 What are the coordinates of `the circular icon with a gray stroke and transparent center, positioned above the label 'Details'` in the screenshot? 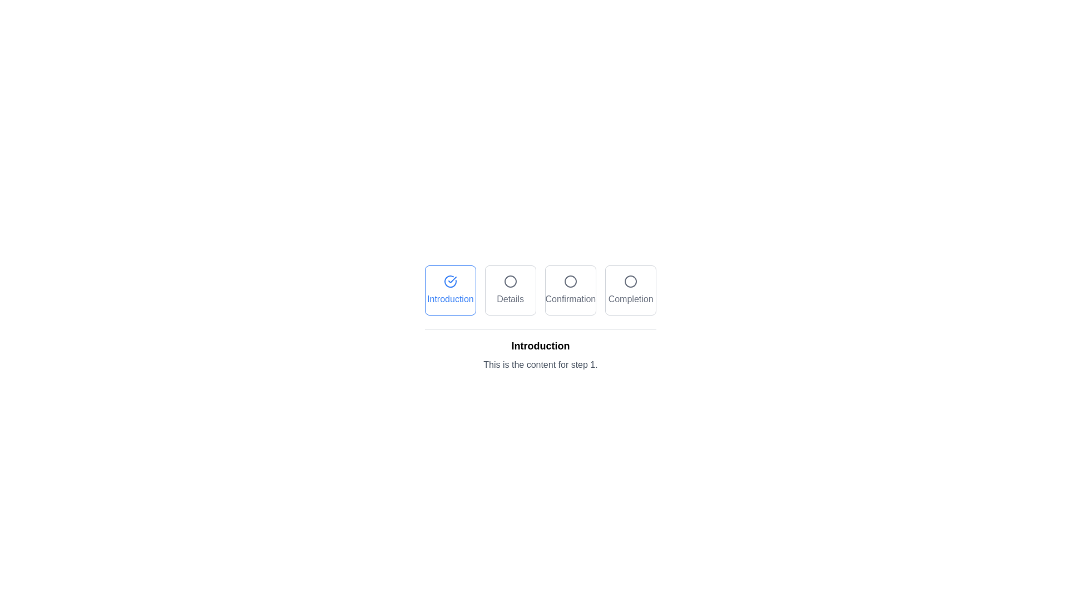 It's located at (510, 280).